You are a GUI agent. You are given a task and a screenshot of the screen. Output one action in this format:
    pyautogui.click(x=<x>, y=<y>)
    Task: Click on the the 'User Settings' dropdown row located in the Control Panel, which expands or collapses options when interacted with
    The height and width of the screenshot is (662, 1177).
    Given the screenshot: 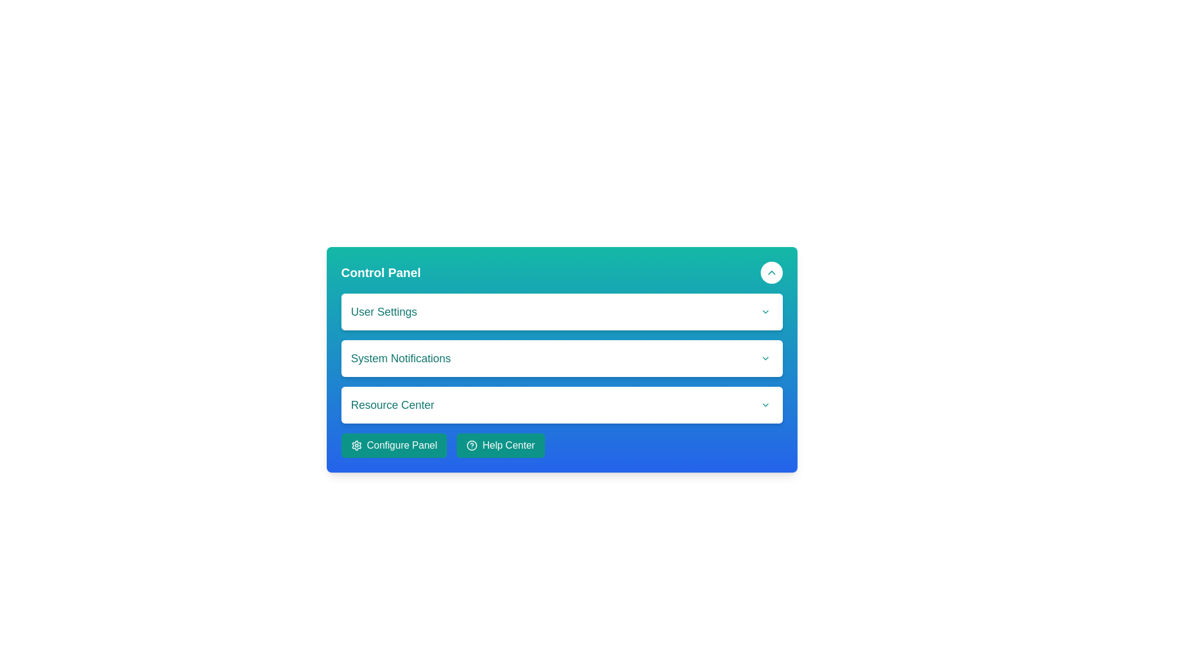 What is the action you would take?
    pyautogui.click(x=561, y=311)
    